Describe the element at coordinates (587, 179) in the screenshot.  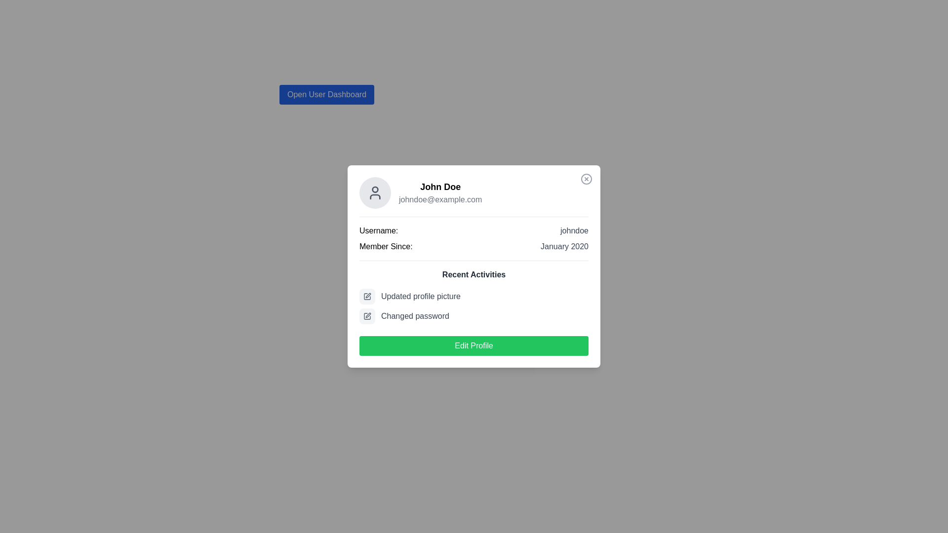
I see `the close icon located at the top-right corner of the user profile card` at that location.